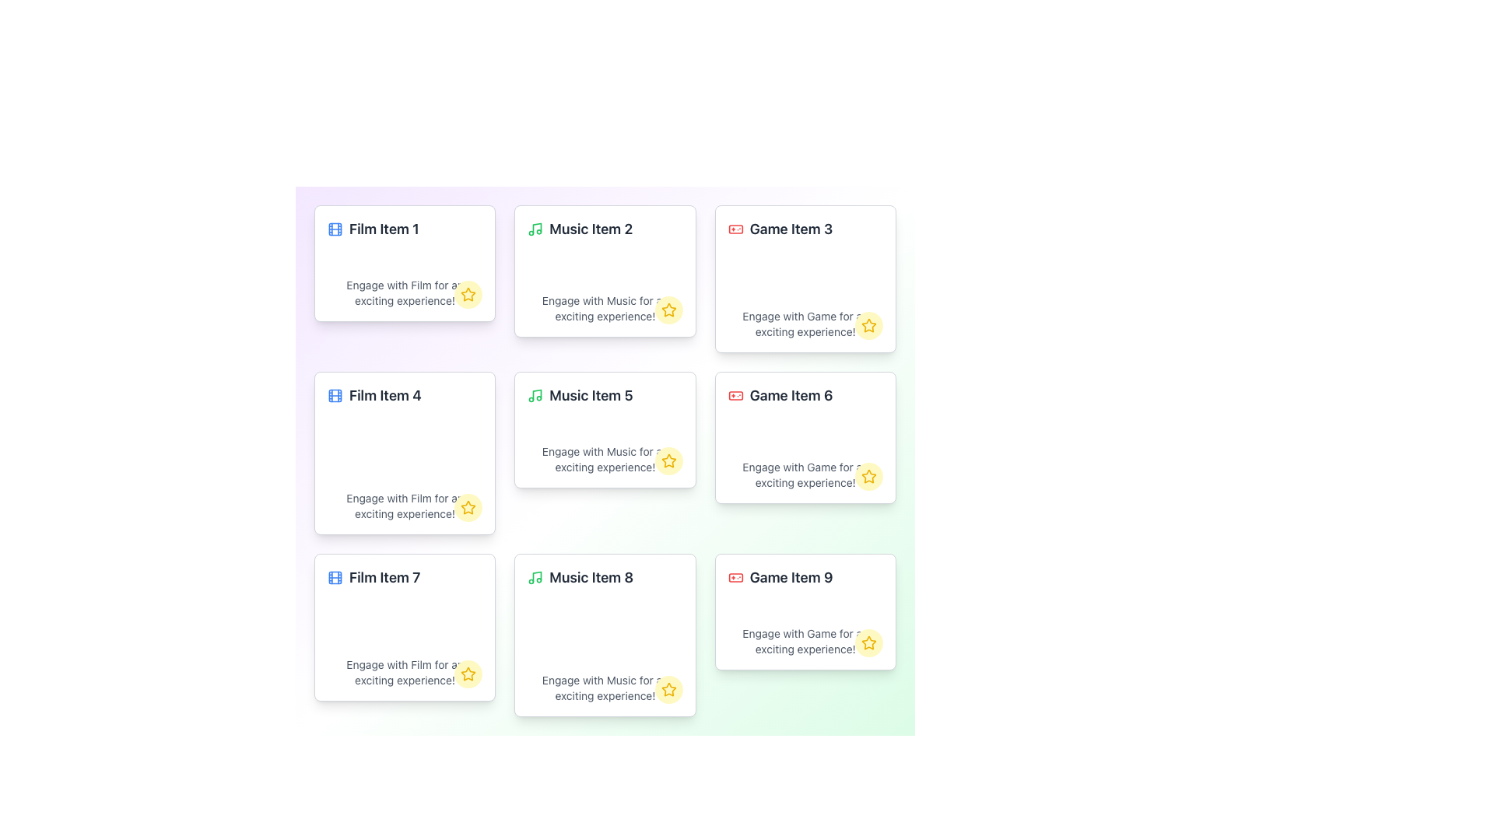  What do you see at coordinates (468, 507) in the screenshot?
I see `the yellow star icon located at the bottom-right corner of the card titled 'Film Item 4' for more details` at bounding box center [468, 507].